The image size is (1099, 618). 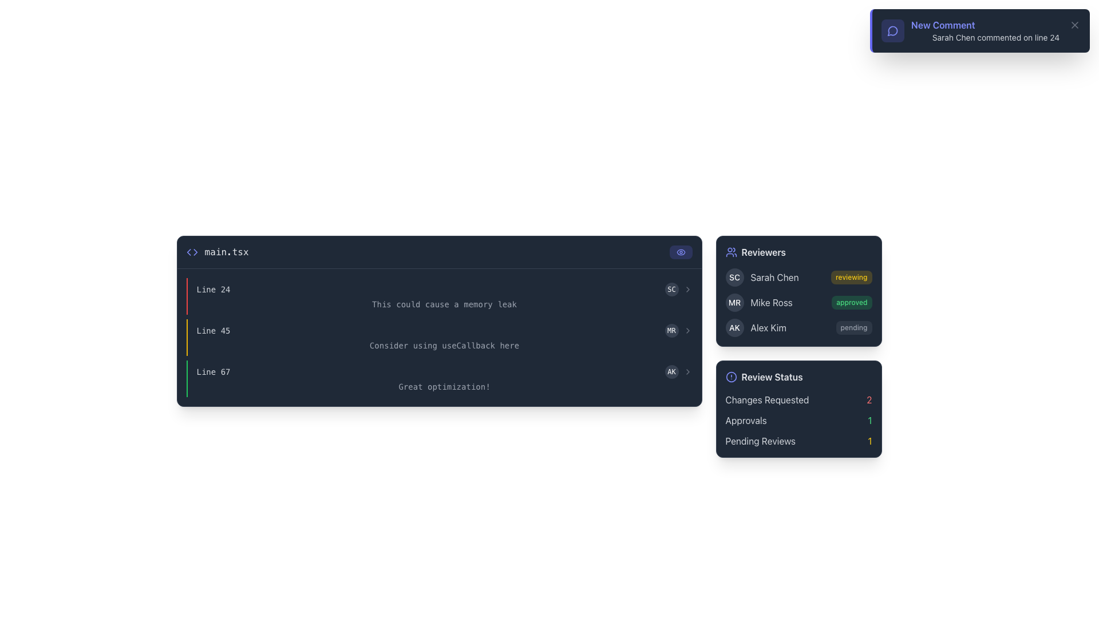 I want to click on the status indicator of a user in the interactive panel located in the top-right area of the interface, so click(x=798, y=291).